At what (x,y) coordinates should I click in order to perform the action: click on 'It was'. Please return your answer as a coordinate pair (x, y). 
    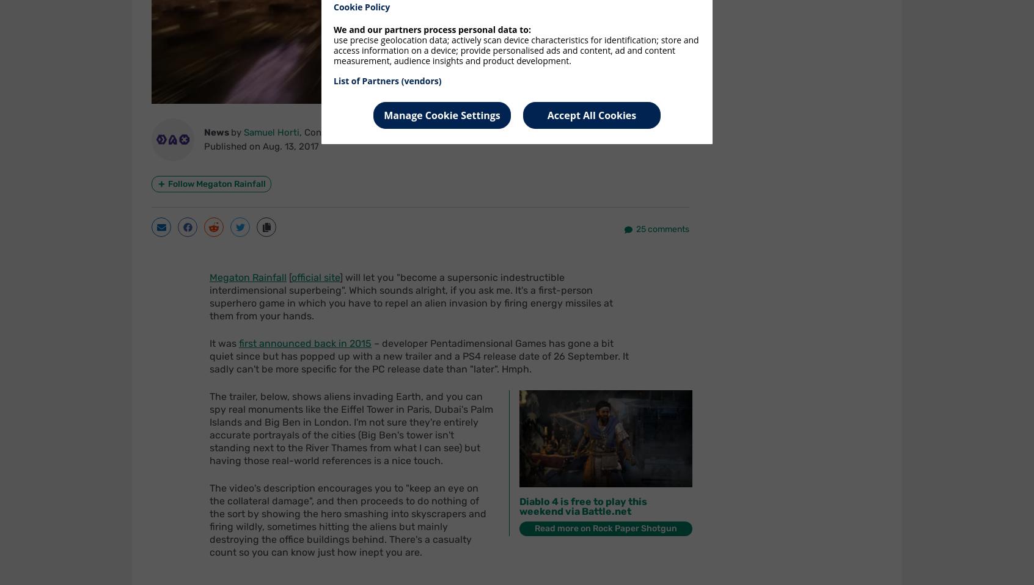
    Looking at the image, I should click on (224, 343).